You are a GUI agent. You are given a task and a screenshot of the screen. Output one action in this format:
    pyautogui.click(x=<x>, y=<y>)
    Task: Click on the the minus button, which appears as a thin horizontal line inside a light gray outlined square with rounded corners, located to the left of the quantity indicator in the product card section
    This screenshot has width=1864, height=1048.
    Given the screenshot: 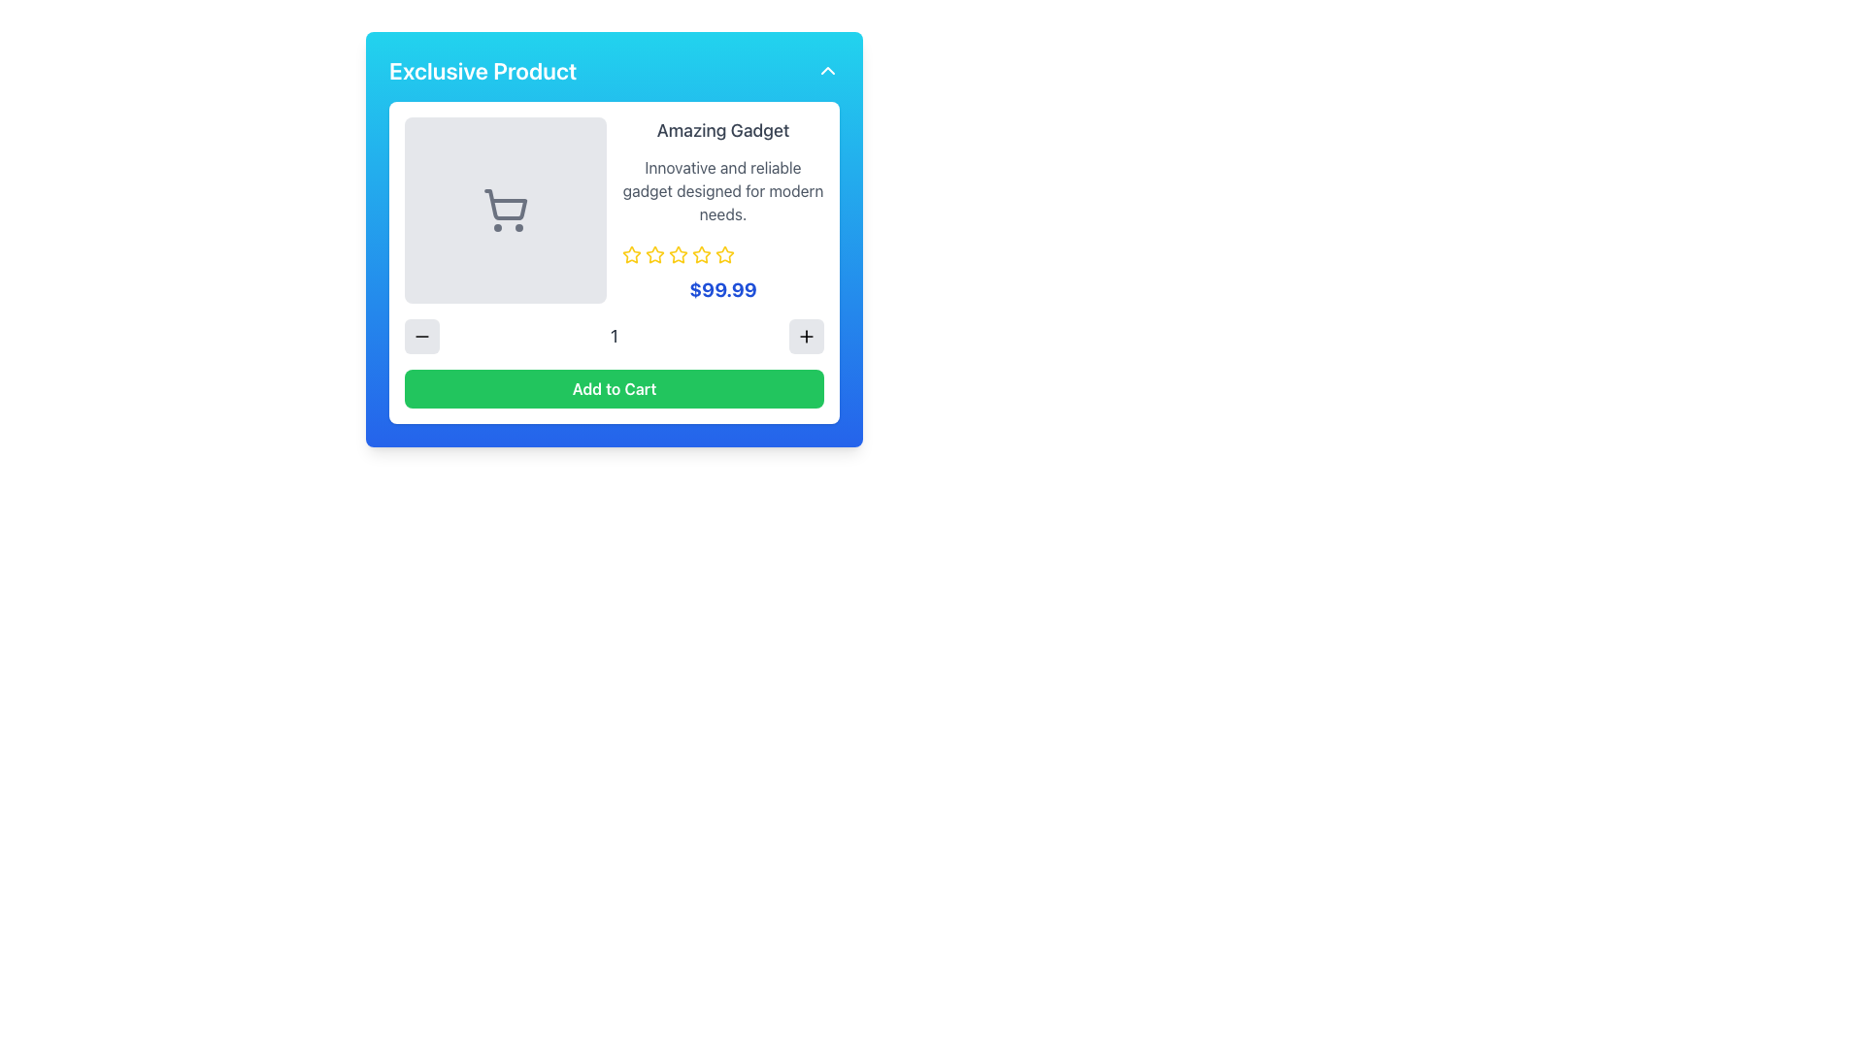 What is the action you would take?
    pyautogui.click(x=421, y=336)
    